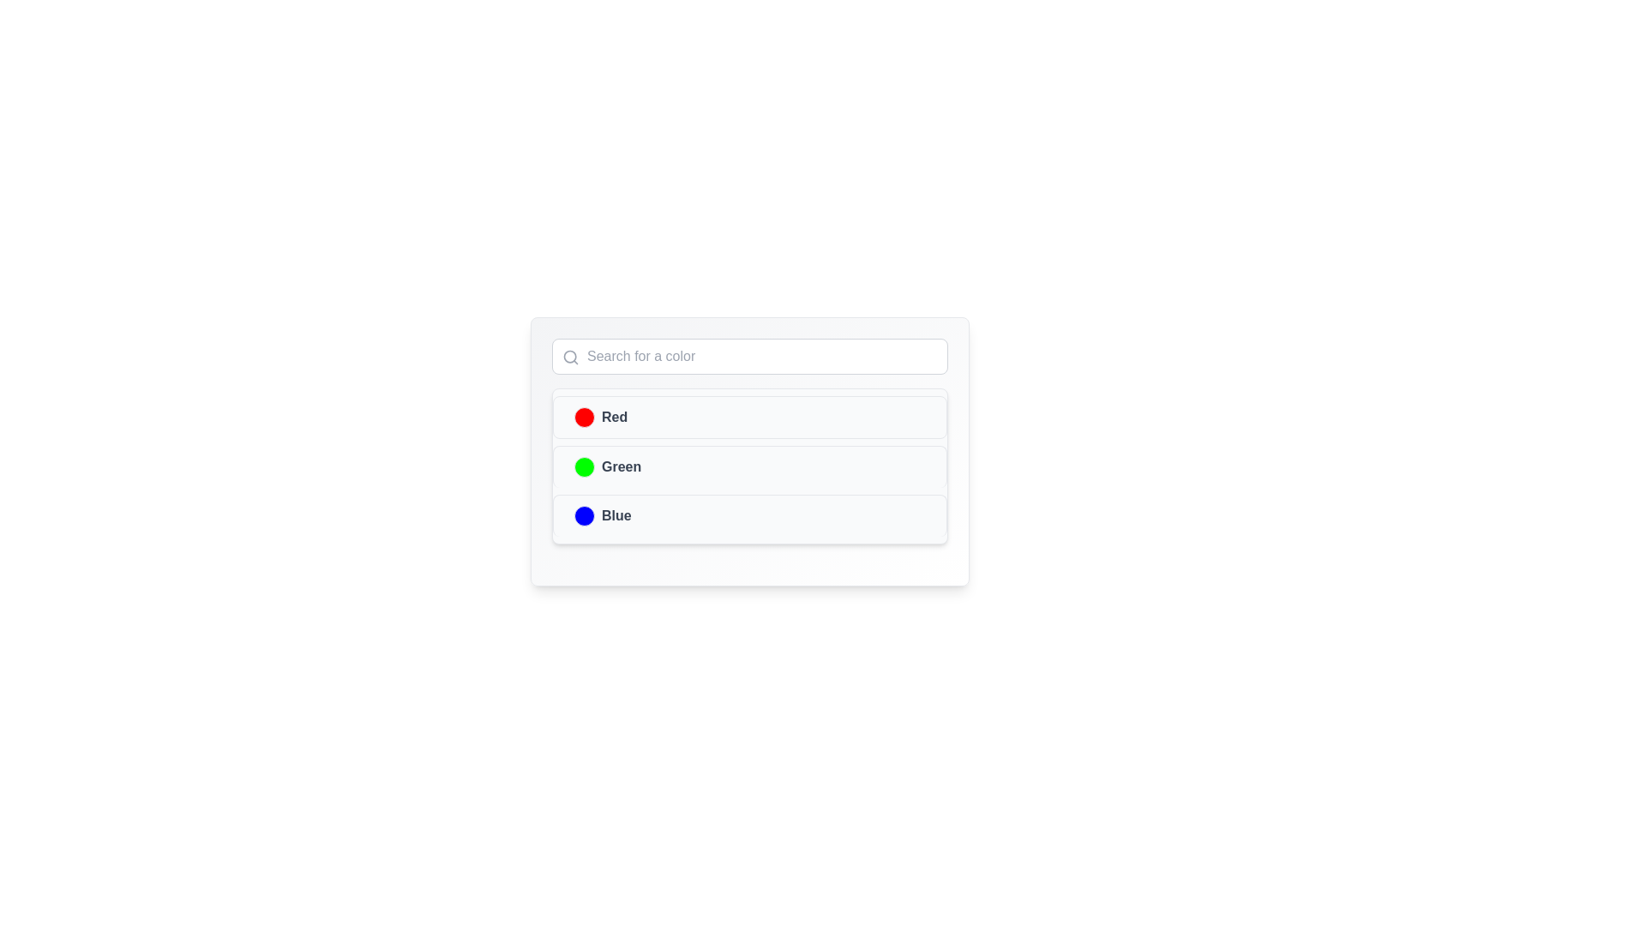  Describe the element at coordinates (601, 417) in the screenshot. I see `the first list item representing the color option 'Red'` at that location.